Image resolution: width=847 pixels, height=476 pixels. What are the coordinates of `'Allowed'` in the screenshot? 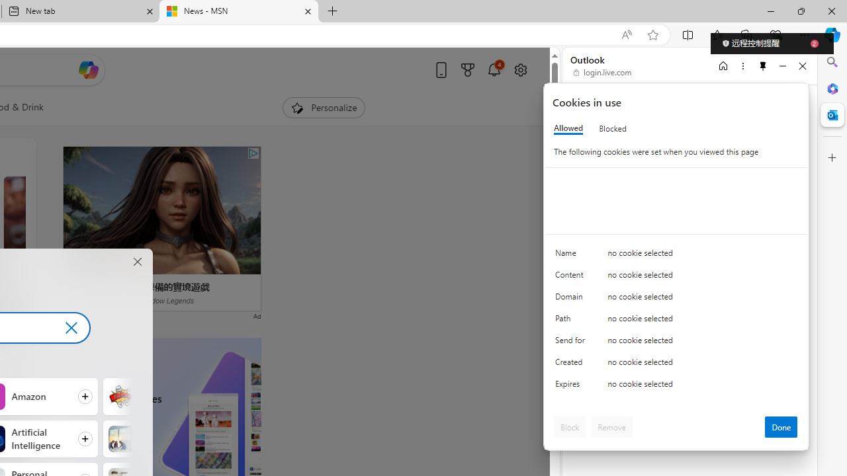 It's located at (568, 128).